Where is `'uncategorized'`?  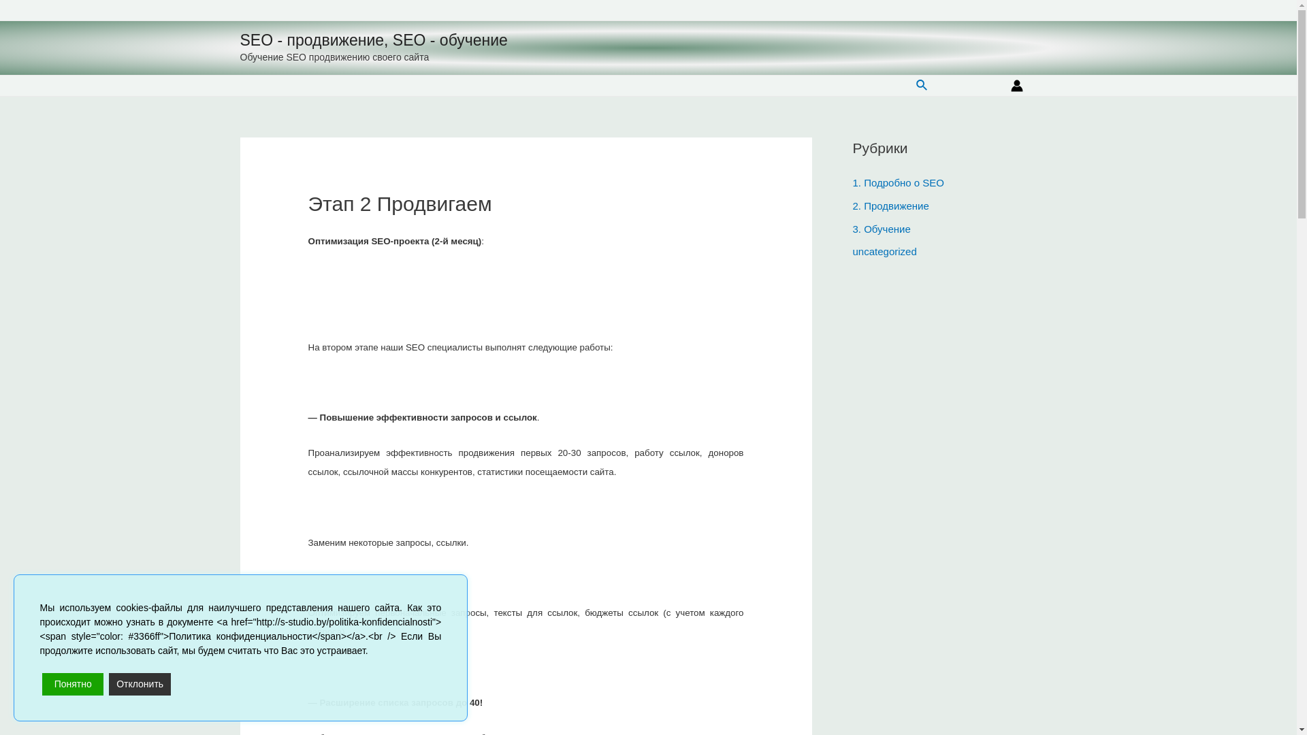
'uncategorized' is located at coordinates (884, 251).